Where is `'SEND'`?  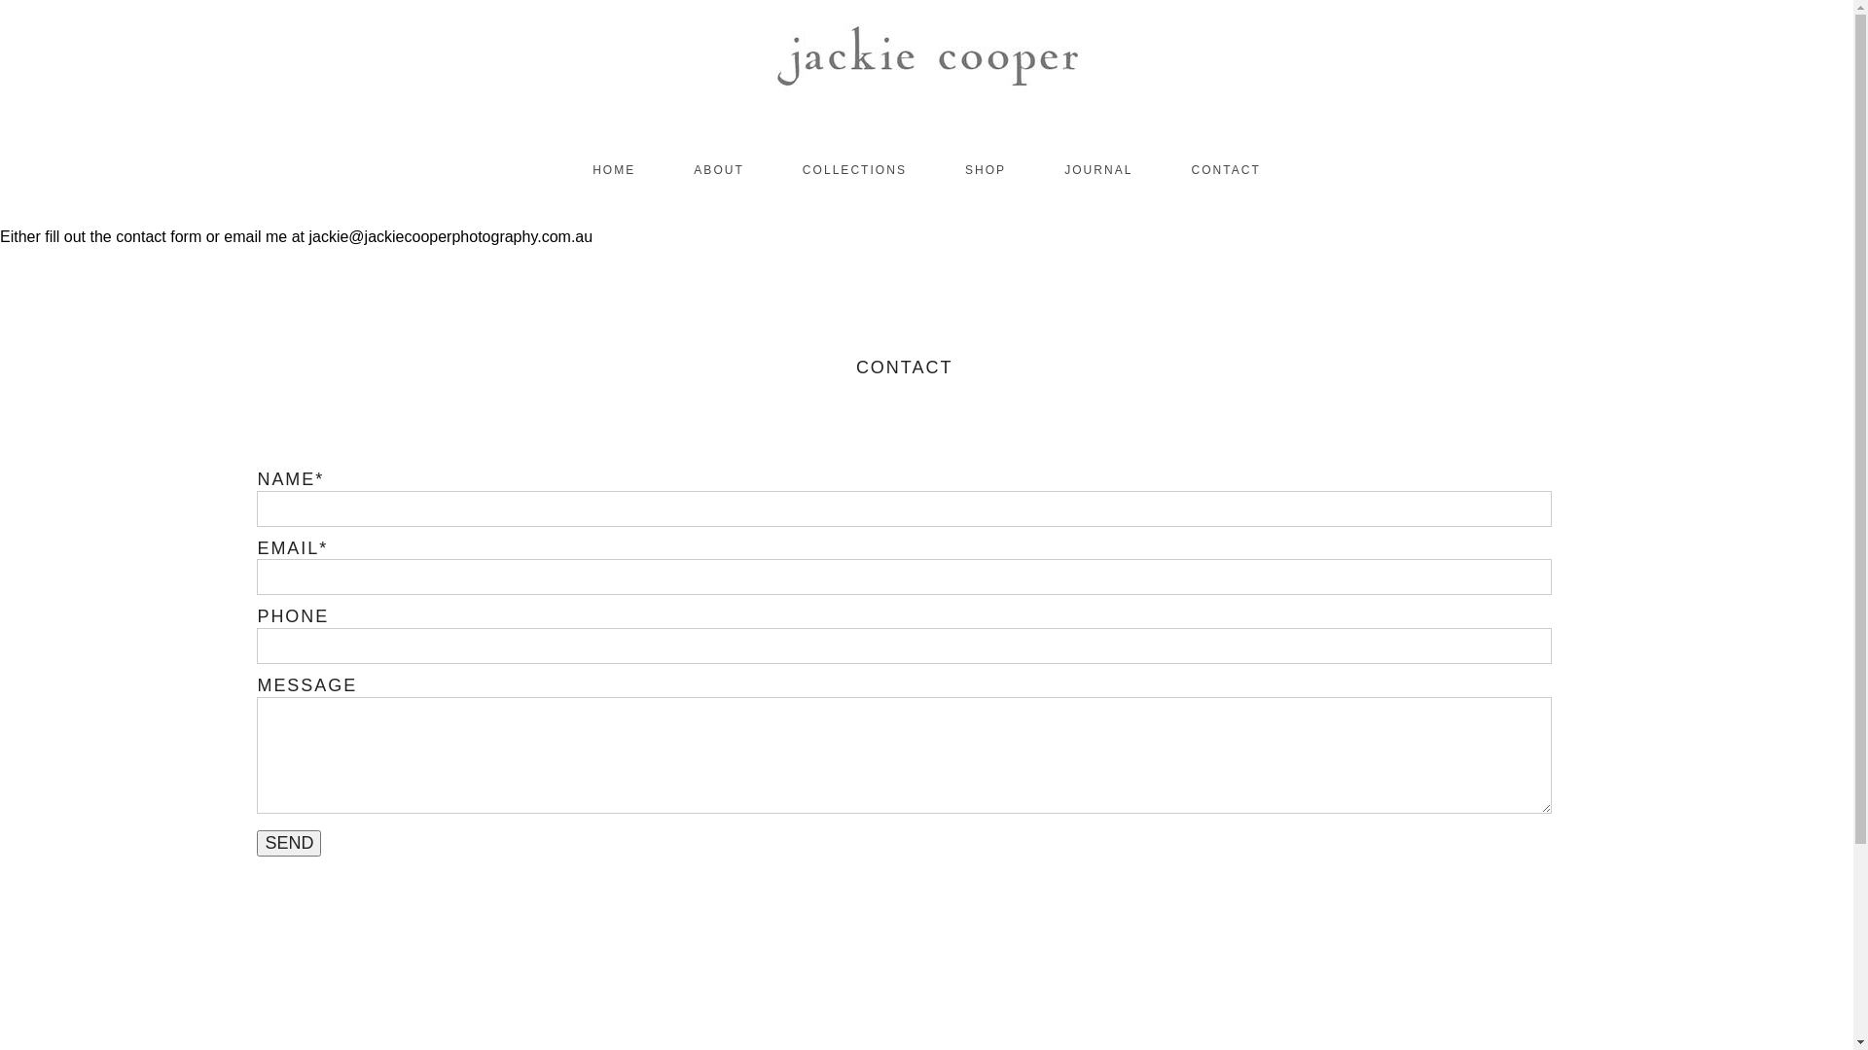
'SEND' is located at coordinates (288, 842).